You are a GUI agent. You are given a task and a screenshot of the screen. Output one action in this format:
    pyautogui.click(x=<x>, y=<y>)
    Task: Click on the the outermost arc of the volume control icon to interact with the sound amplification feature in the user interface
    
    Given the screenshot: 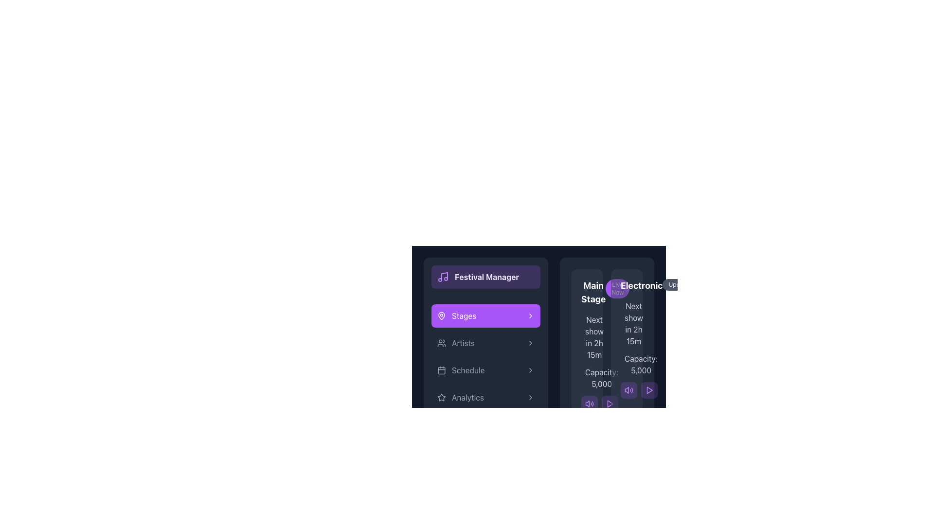 What is the action you would take?
    pyautogui.click(x=592, y=403)
    